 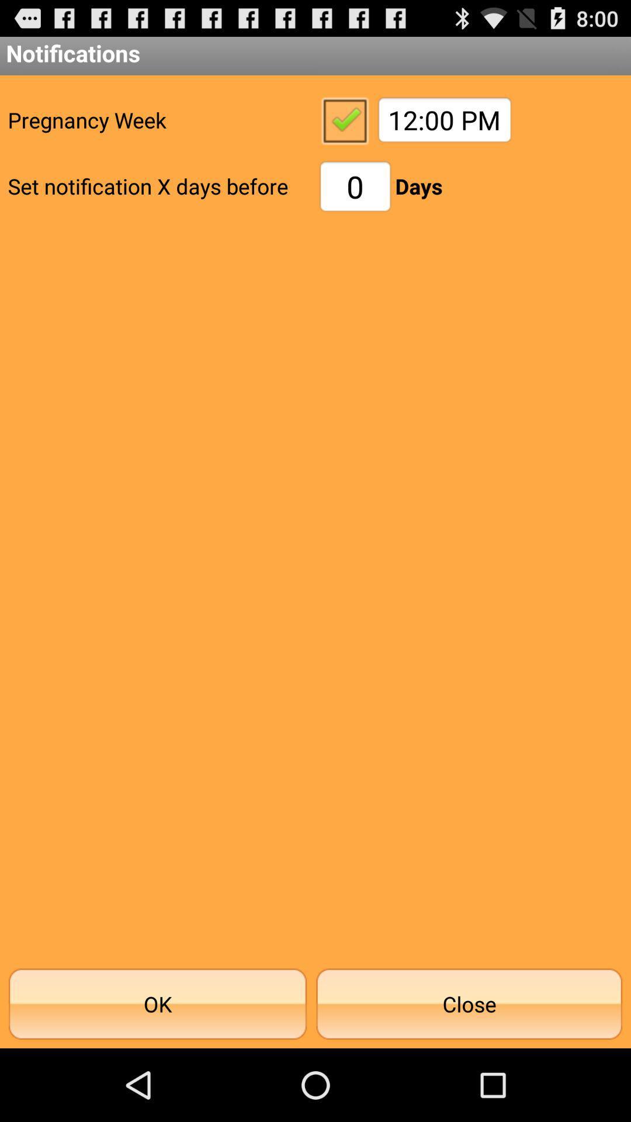 What do you see at coordinates (344, 120) in the screenshot?
I see `pregnancy week notification check box` at bounding box center [344, 120].